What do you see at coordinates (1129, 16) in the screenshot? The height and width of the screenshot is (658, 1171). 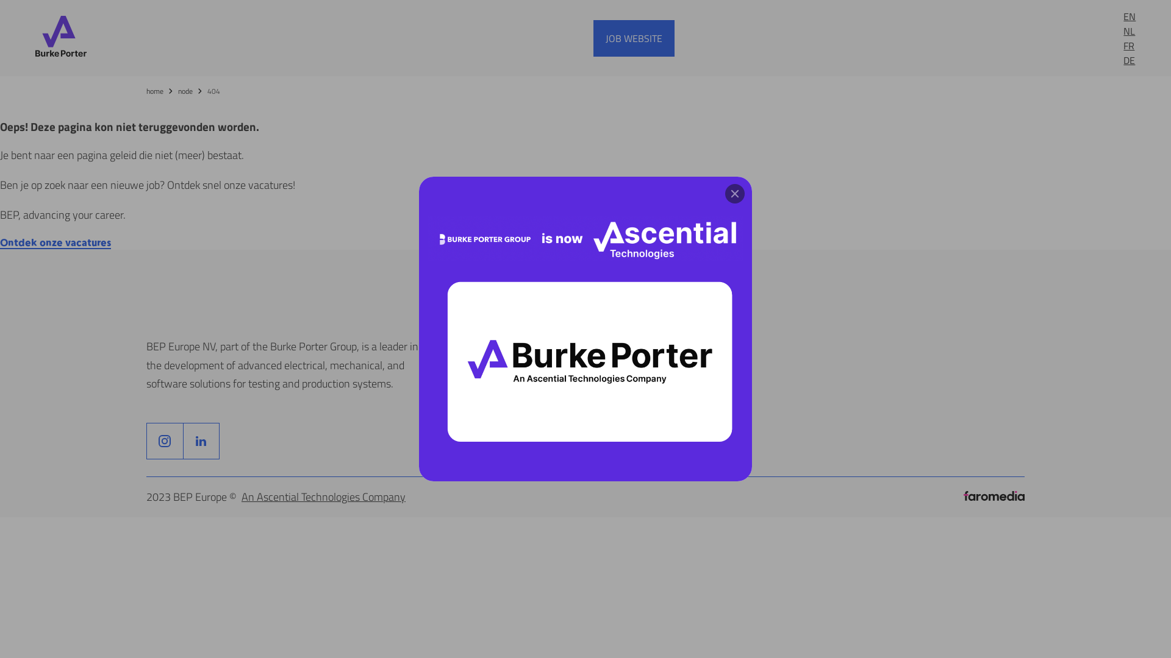 I see `'EN'` at bounding box center [1129, 16].